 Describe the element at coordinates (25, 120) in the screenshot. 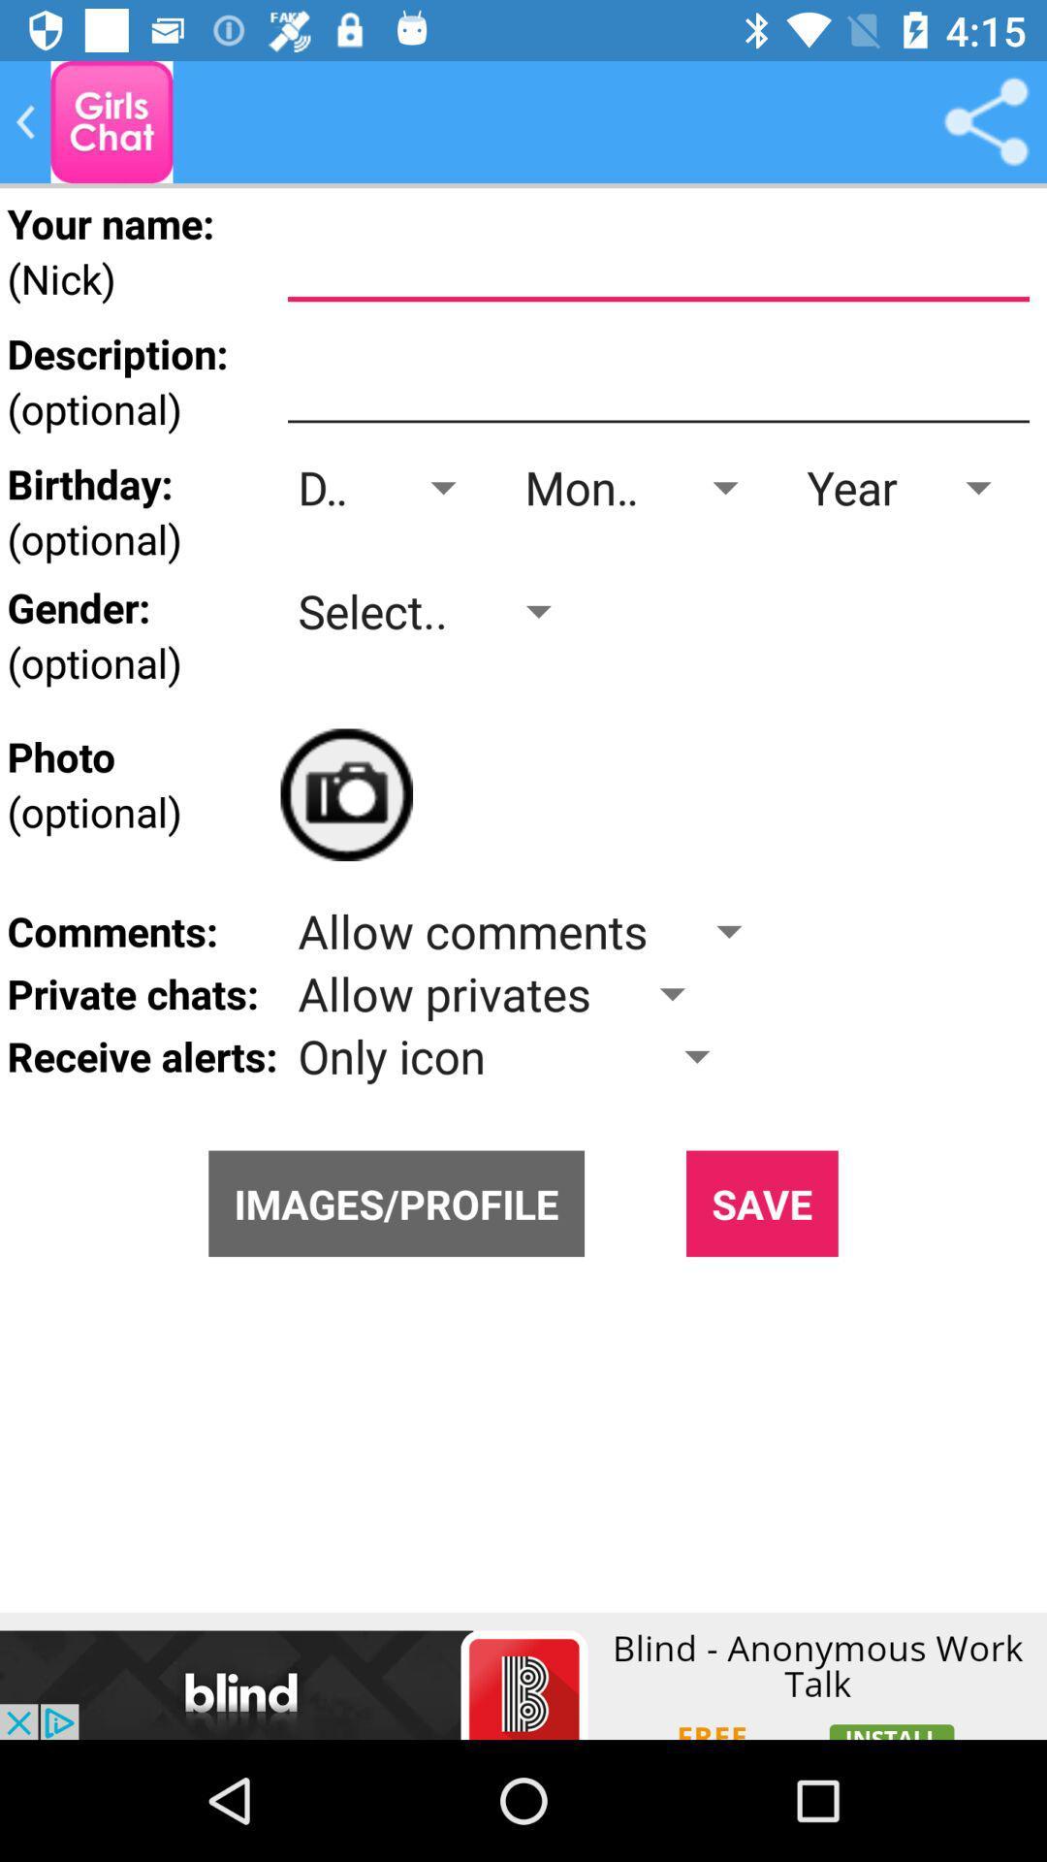

I see `the arrow_backward icon` at that location.